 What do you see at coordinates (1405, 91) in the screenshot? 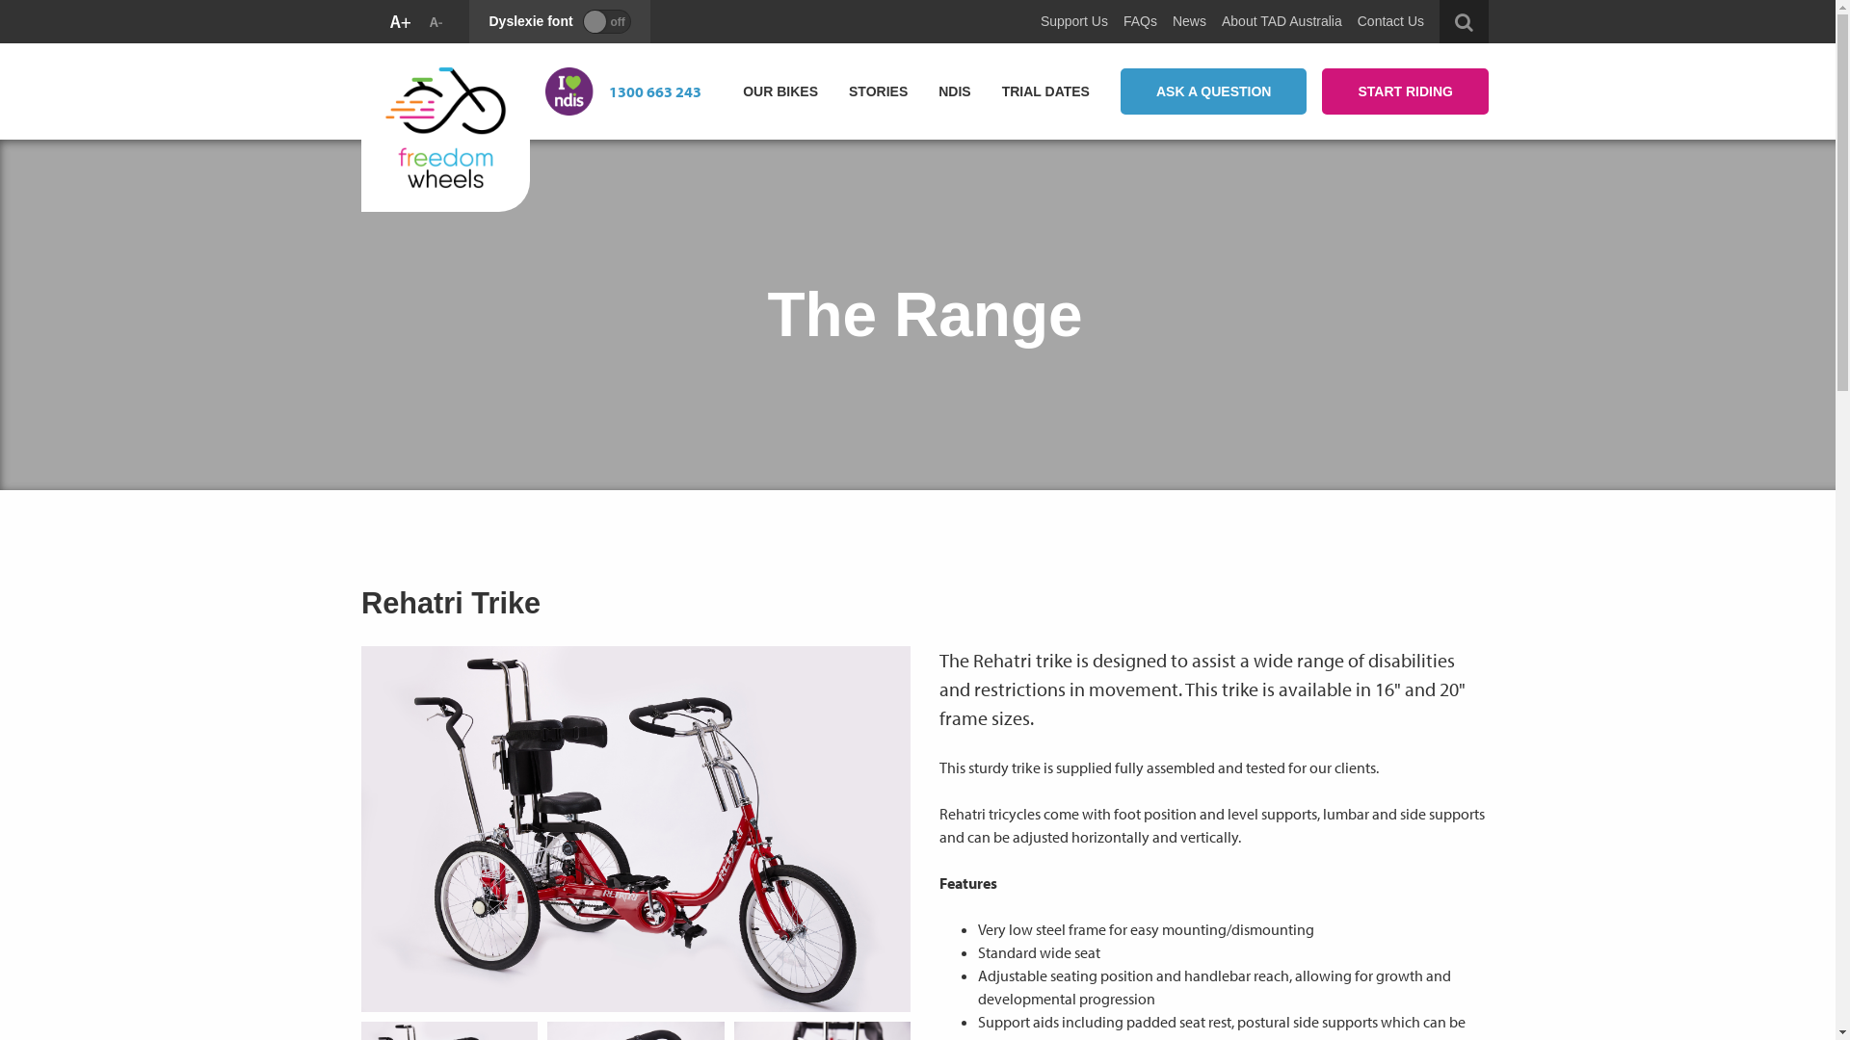
I see `'START RIDING'` at bounding box center [1405, 91].